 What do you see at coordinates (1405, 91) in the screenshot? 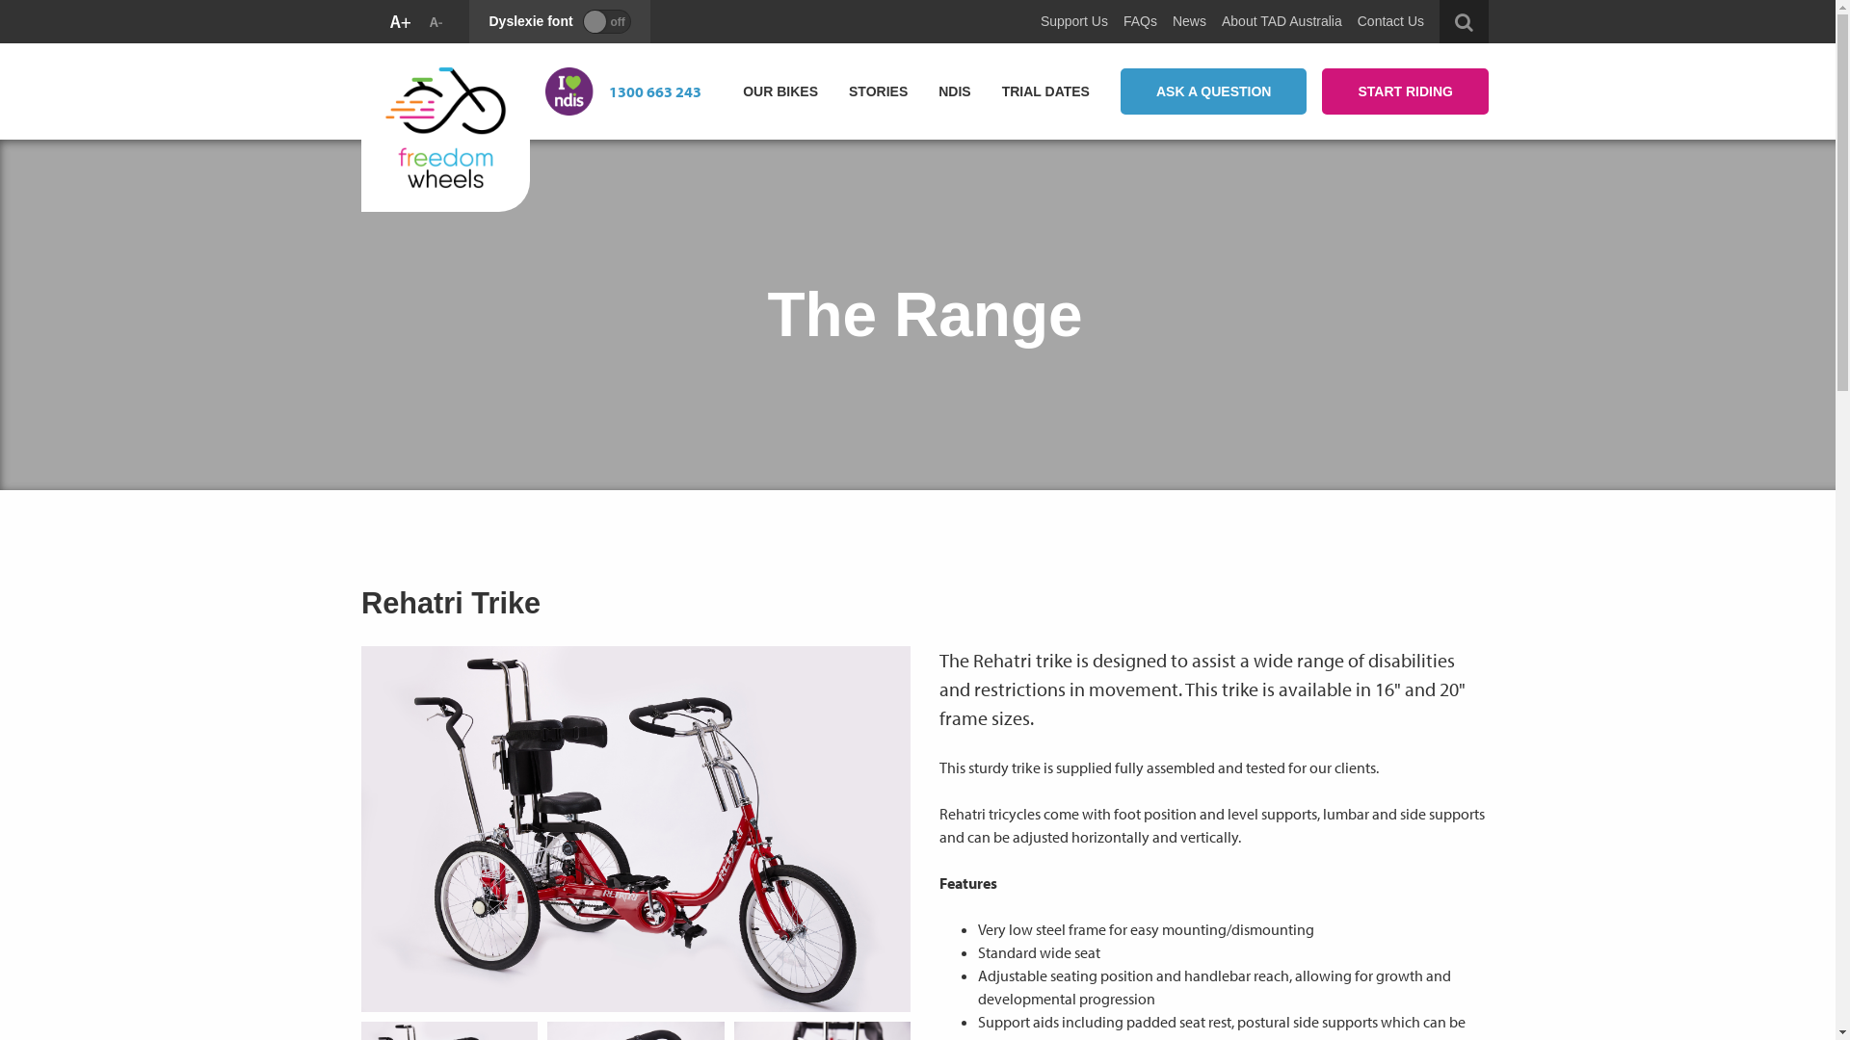
I see `'START RIDING'` at bounding box center [1405, 91].